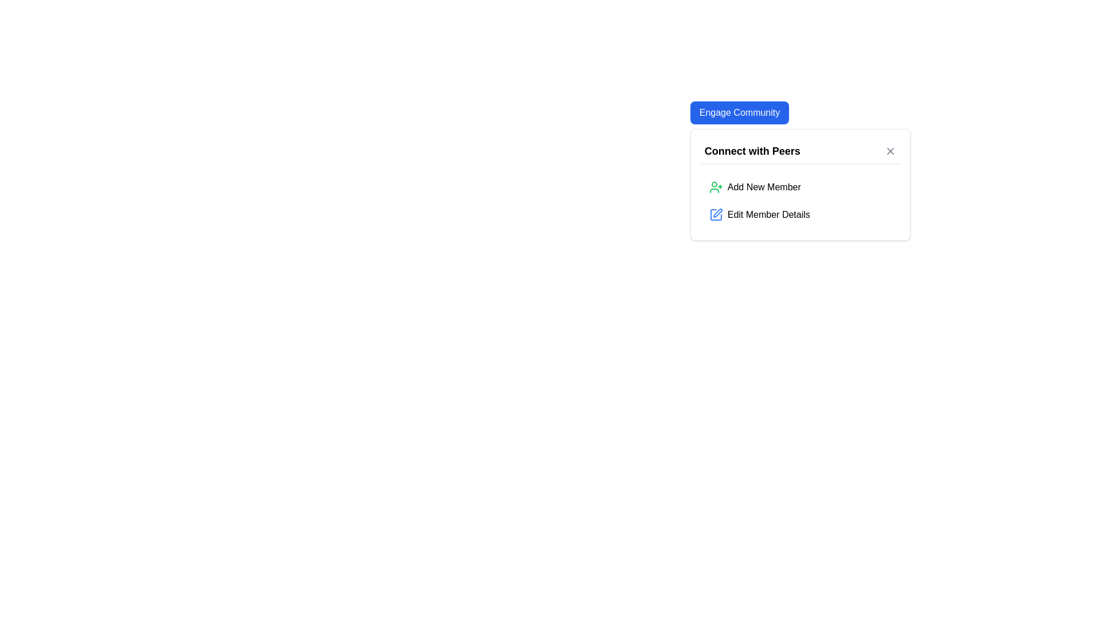 Image resolution: width=1101 pixels, height=619 pixels. I want to click on the user-addition icon styled in green, located inside the 'Add New Member' button within the 'Connect with Peers' card layout, so click(715, 187).